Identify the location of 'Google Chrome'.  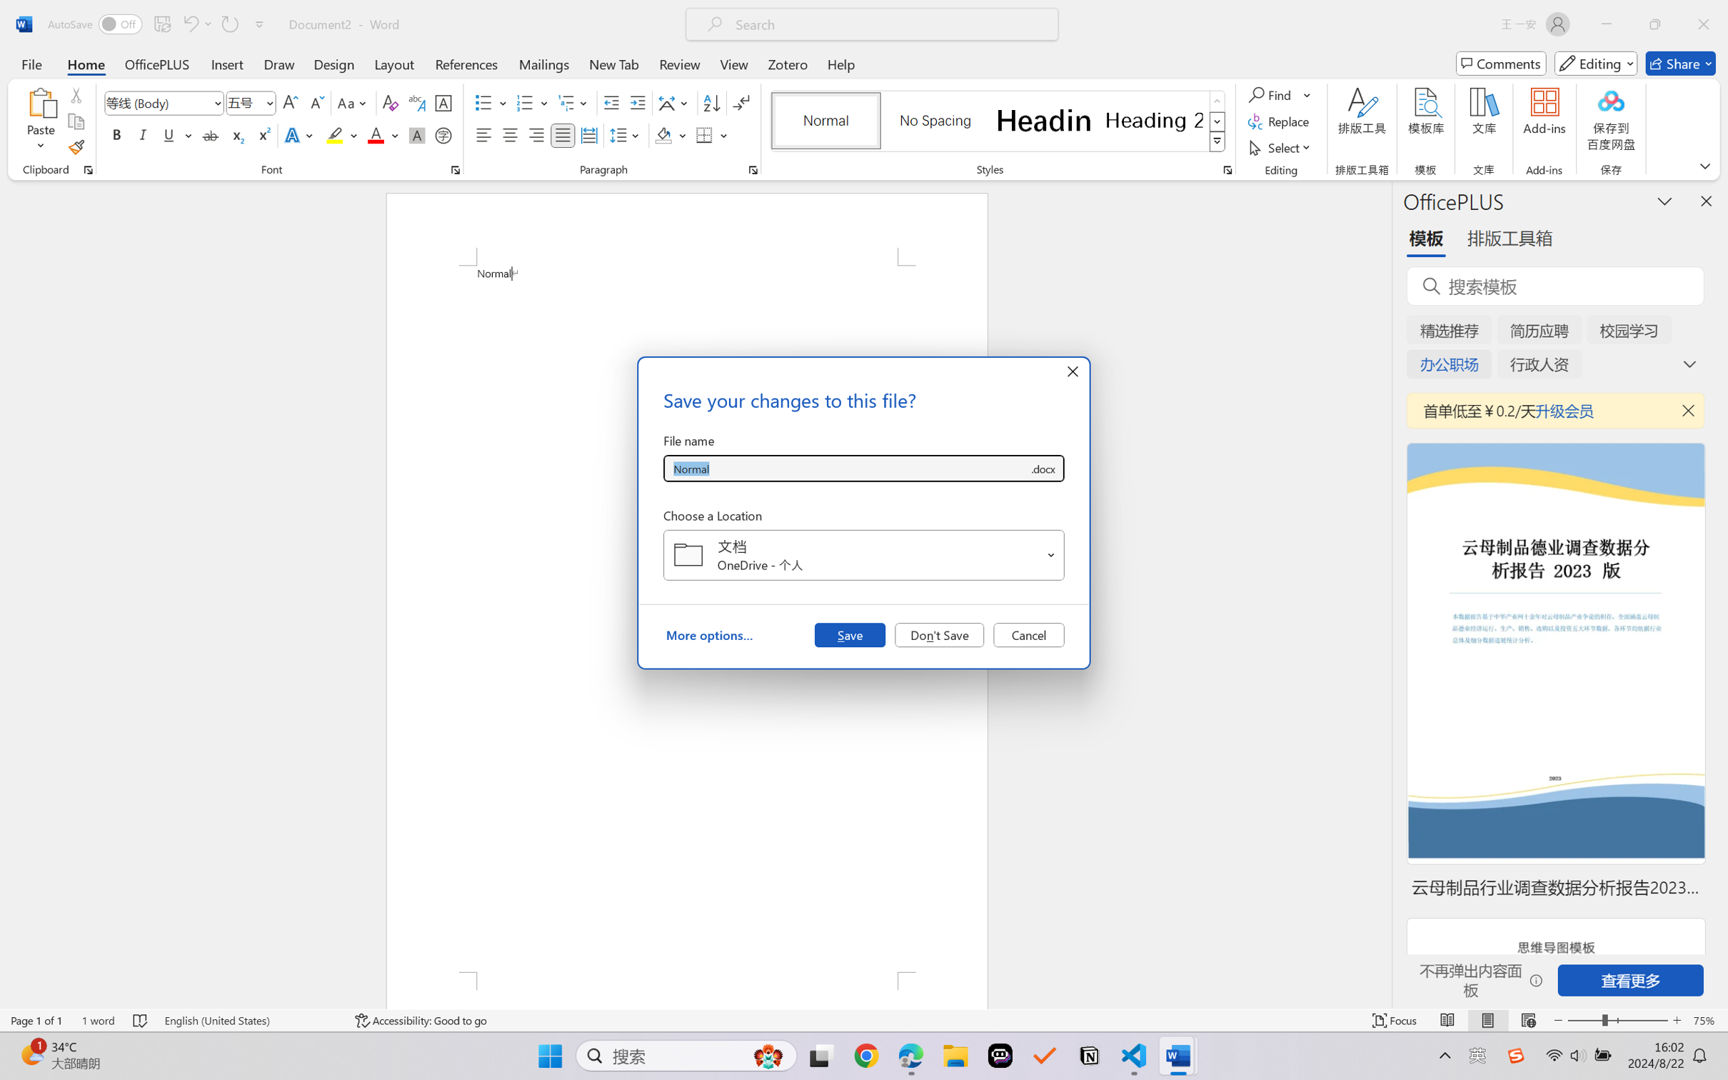
(866, 1056).